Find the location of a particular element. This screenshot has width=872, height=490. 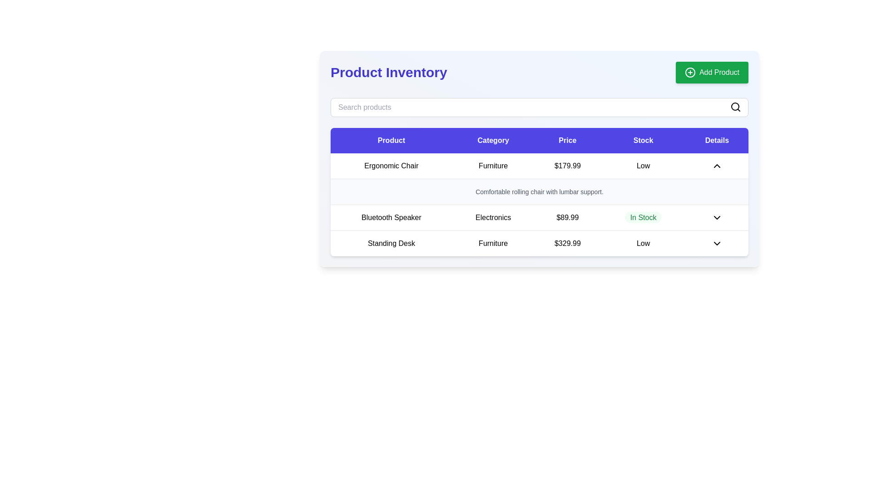

the Text label displaying the name of the product, which is located in the first cell of the last row under the 'Product' column, to the left of 'Furniture' is located at coordinates (391, 243).